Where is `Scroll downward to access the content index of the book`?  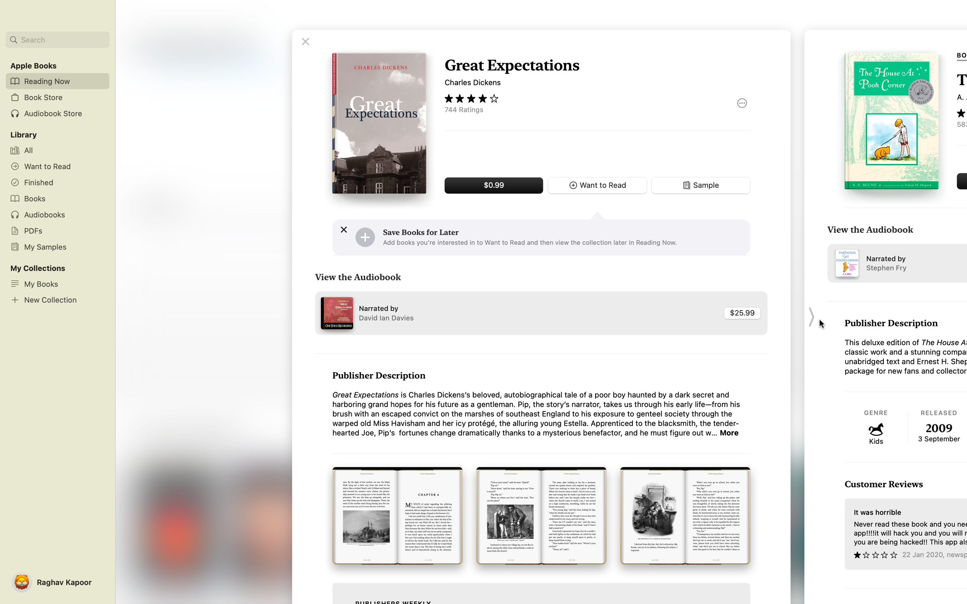
Scroll downward to access the content index of the book is located at coordinates (1817960, 666816).